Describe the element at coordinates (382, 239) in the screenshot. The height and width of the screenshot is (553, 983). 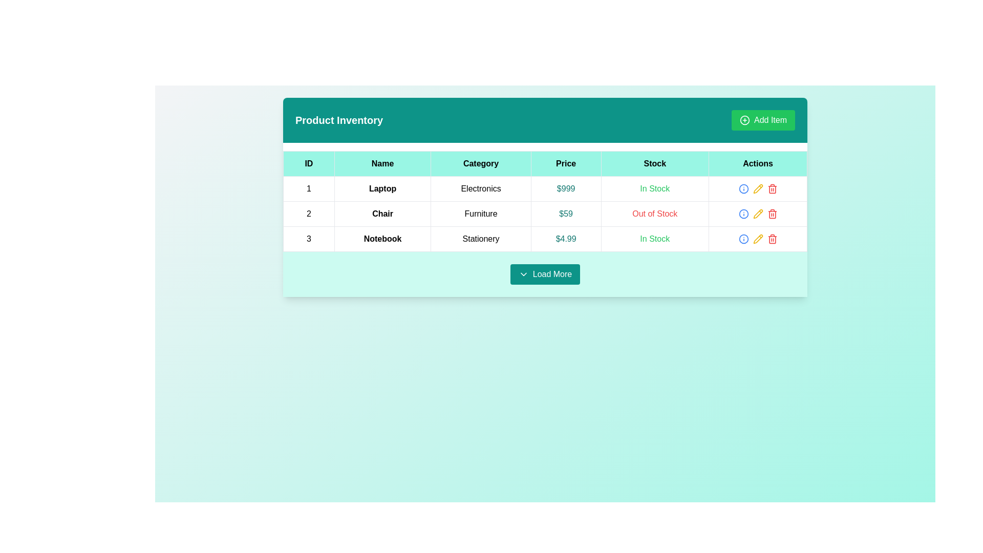
I see `the 'Notebook' text label in the second cell of the third row of the inventory table, which categorizes the product as 'Notebook'` at that location.